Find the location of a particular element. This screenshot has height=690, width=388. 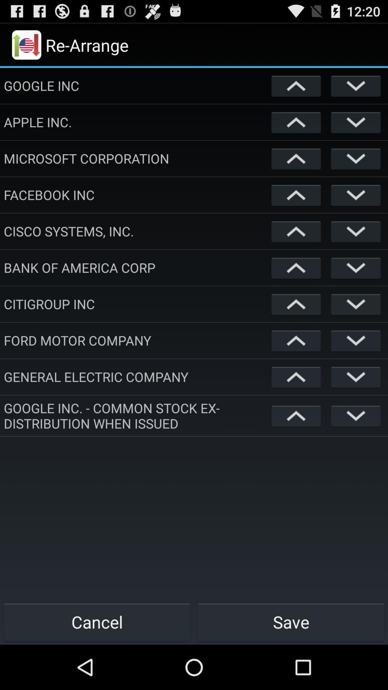

facebook inc app is located at coordinates (136, 195).